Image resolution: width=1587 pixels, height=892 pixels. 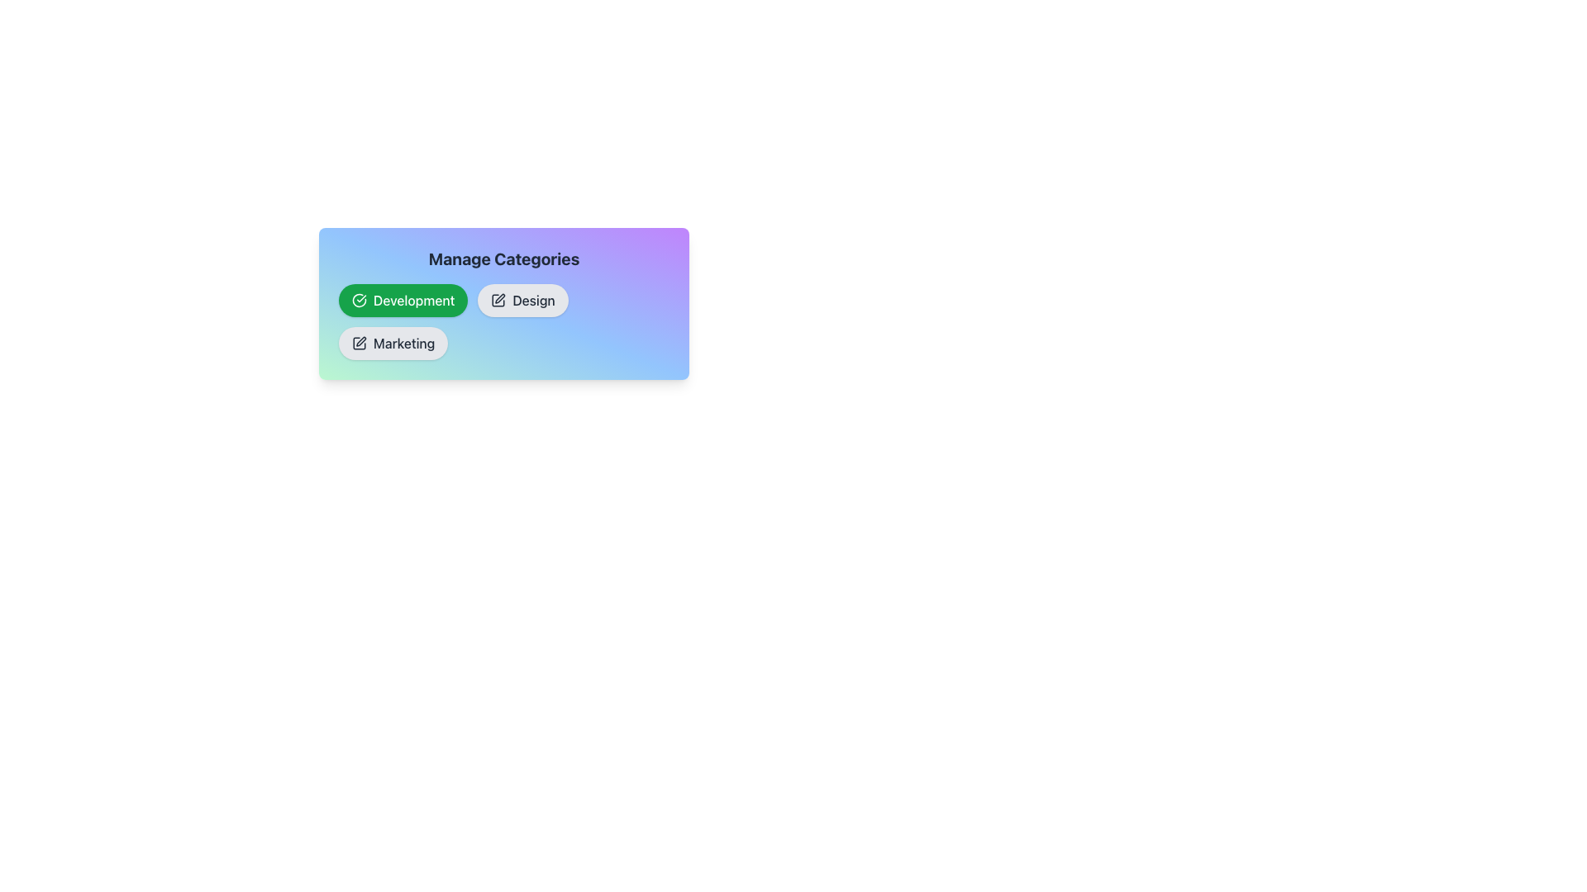 I want to click on the 'Design' button within the horizontally aligned Button Group located under the 'Manage Categories' title, so click(x=503, y=321).